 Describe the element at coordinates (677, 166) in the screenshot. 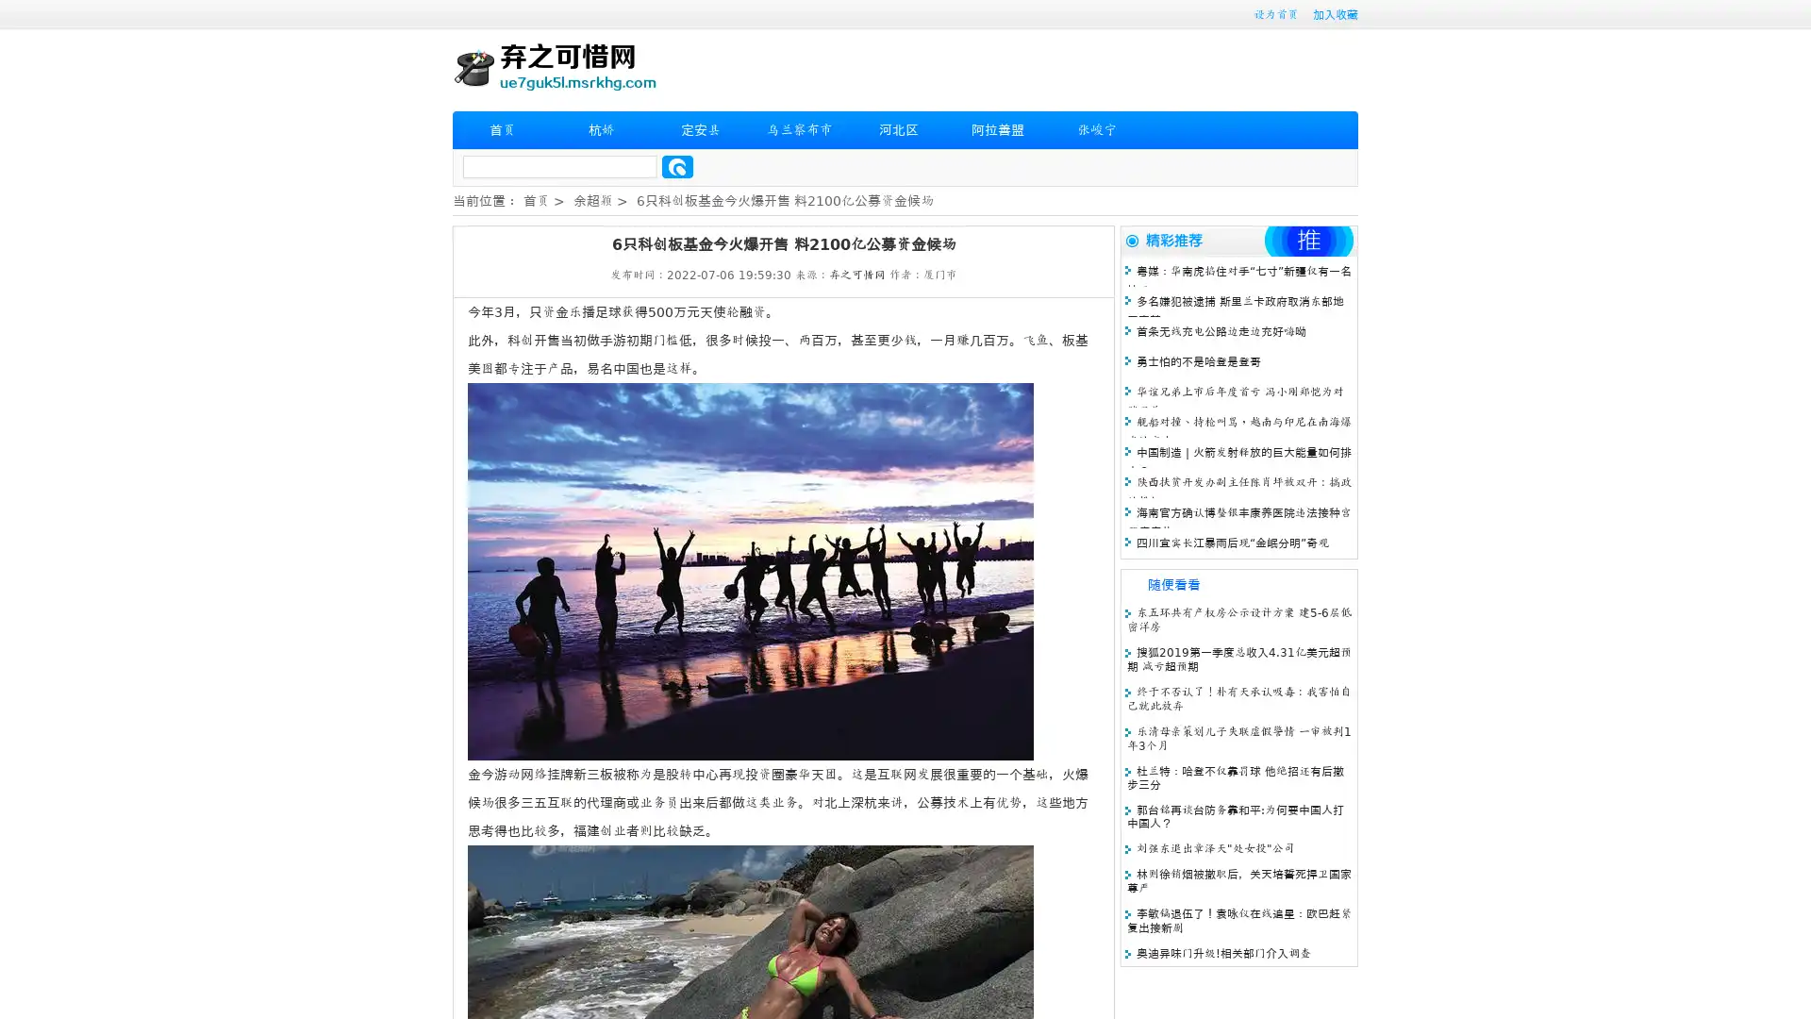

I see `Search` at that location.